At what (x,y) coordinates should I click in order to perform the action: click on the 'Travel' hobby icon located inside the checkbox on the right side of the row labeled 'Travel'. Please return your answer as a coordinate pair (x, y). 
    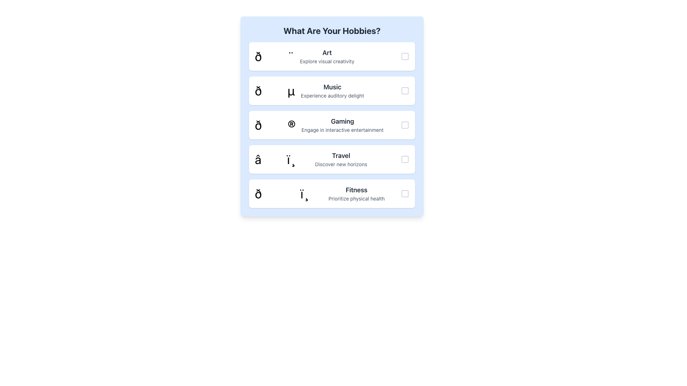
    Looking at the image, I should click on (405, 159).